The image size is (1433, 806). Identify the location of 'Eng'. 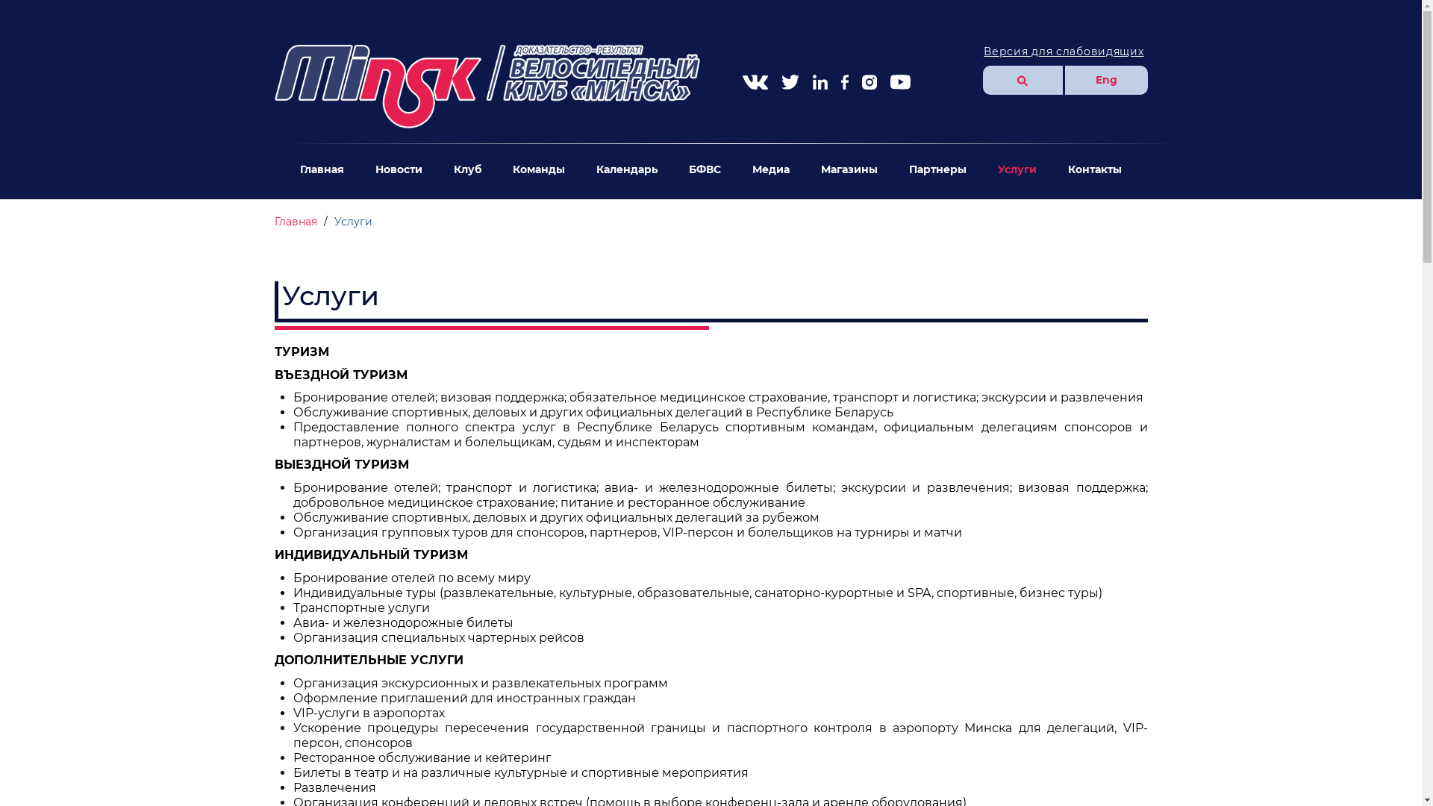
(1105, 80).